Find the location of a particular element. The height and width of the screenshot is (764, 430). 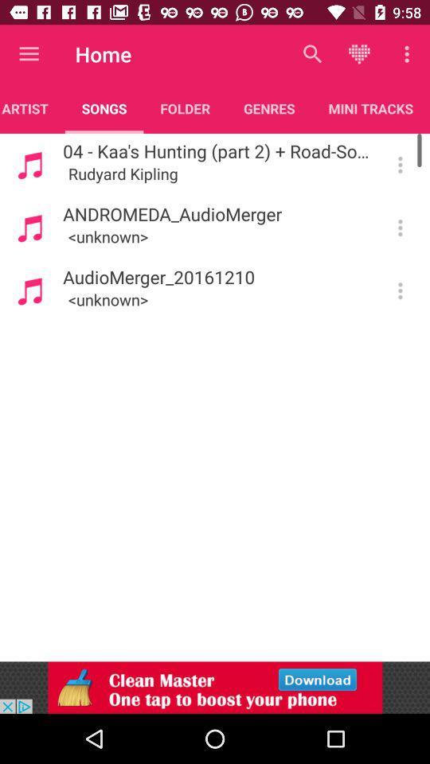

click on advertisement is located at coordinates (215, 687).